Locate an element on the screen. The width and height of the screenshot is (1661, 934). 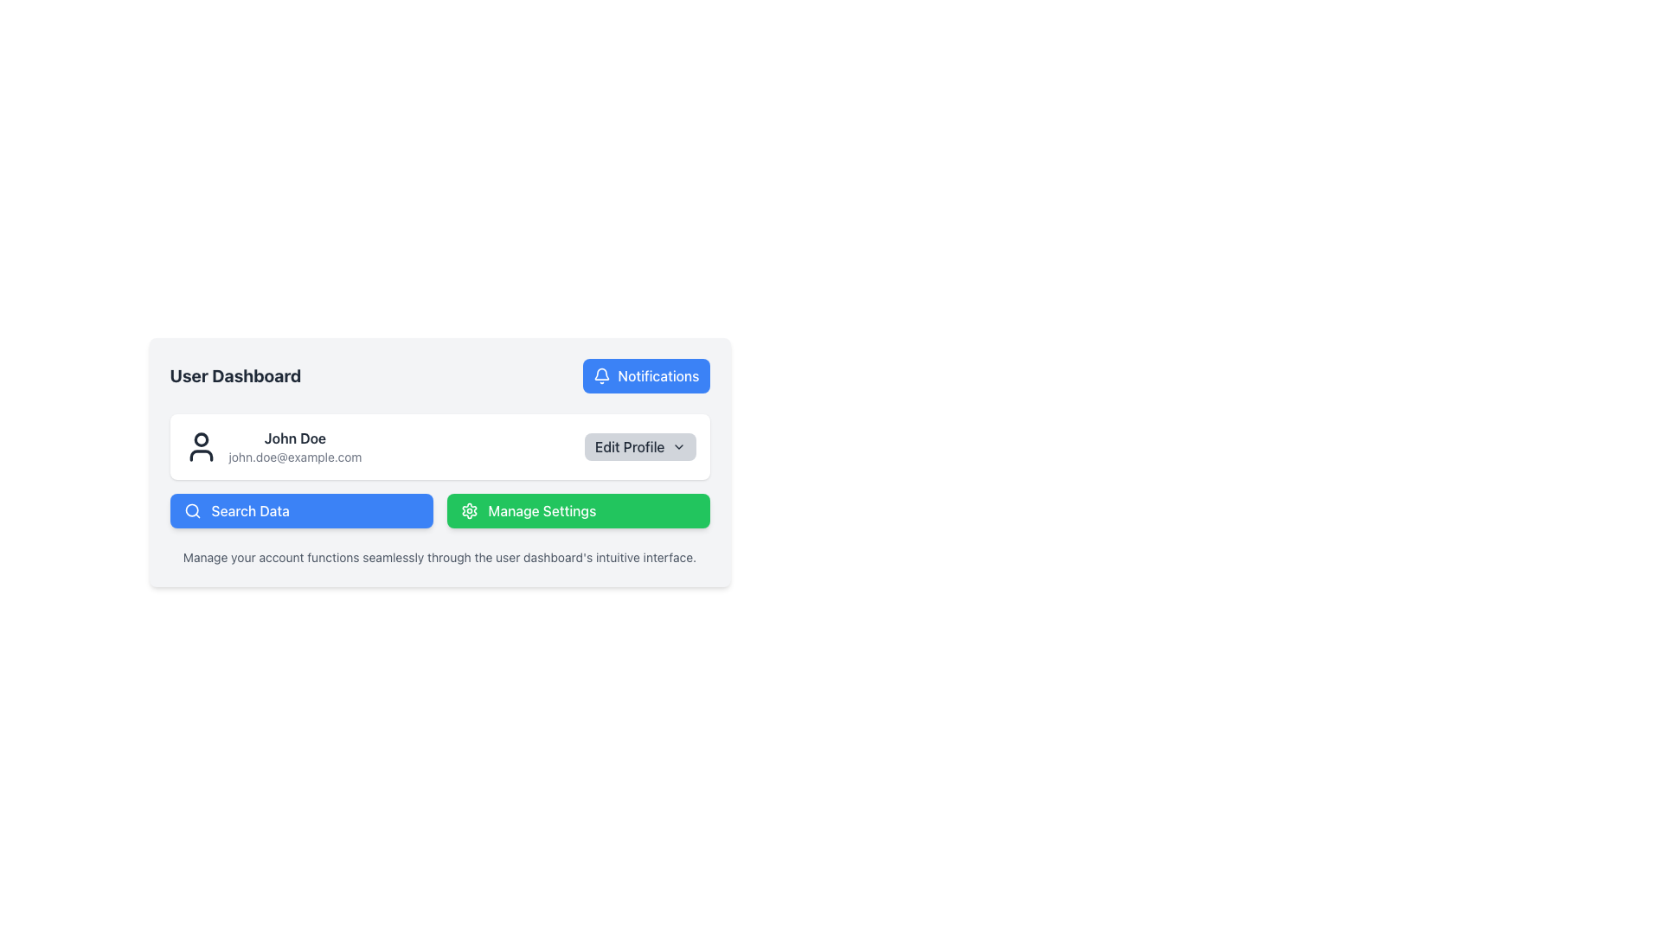
the user's name text label located beneath the 'User Dashboard' heading, above the email 'john.doe@example.com', and next to the user icon avatar is located at coordinates (295, 437).